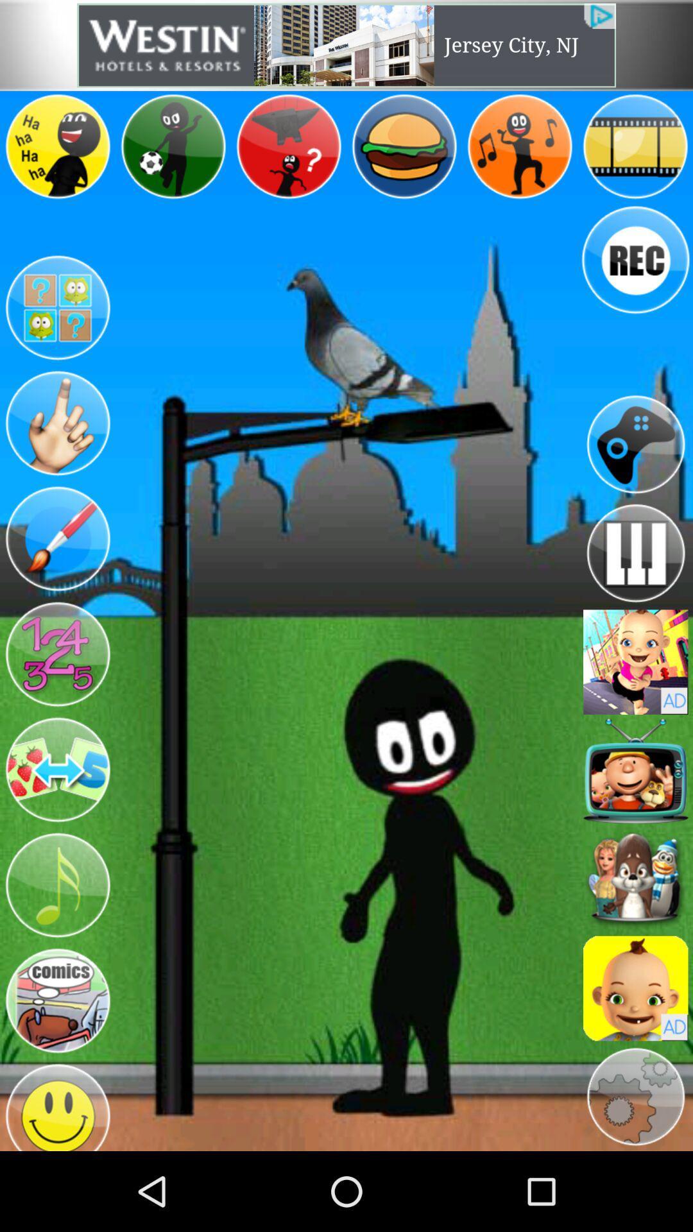 The width and height of the screenshot is (693, 1232). Describe the element at coordinates (56, 539) in the screenshot. I see `brush paint option` at that location.